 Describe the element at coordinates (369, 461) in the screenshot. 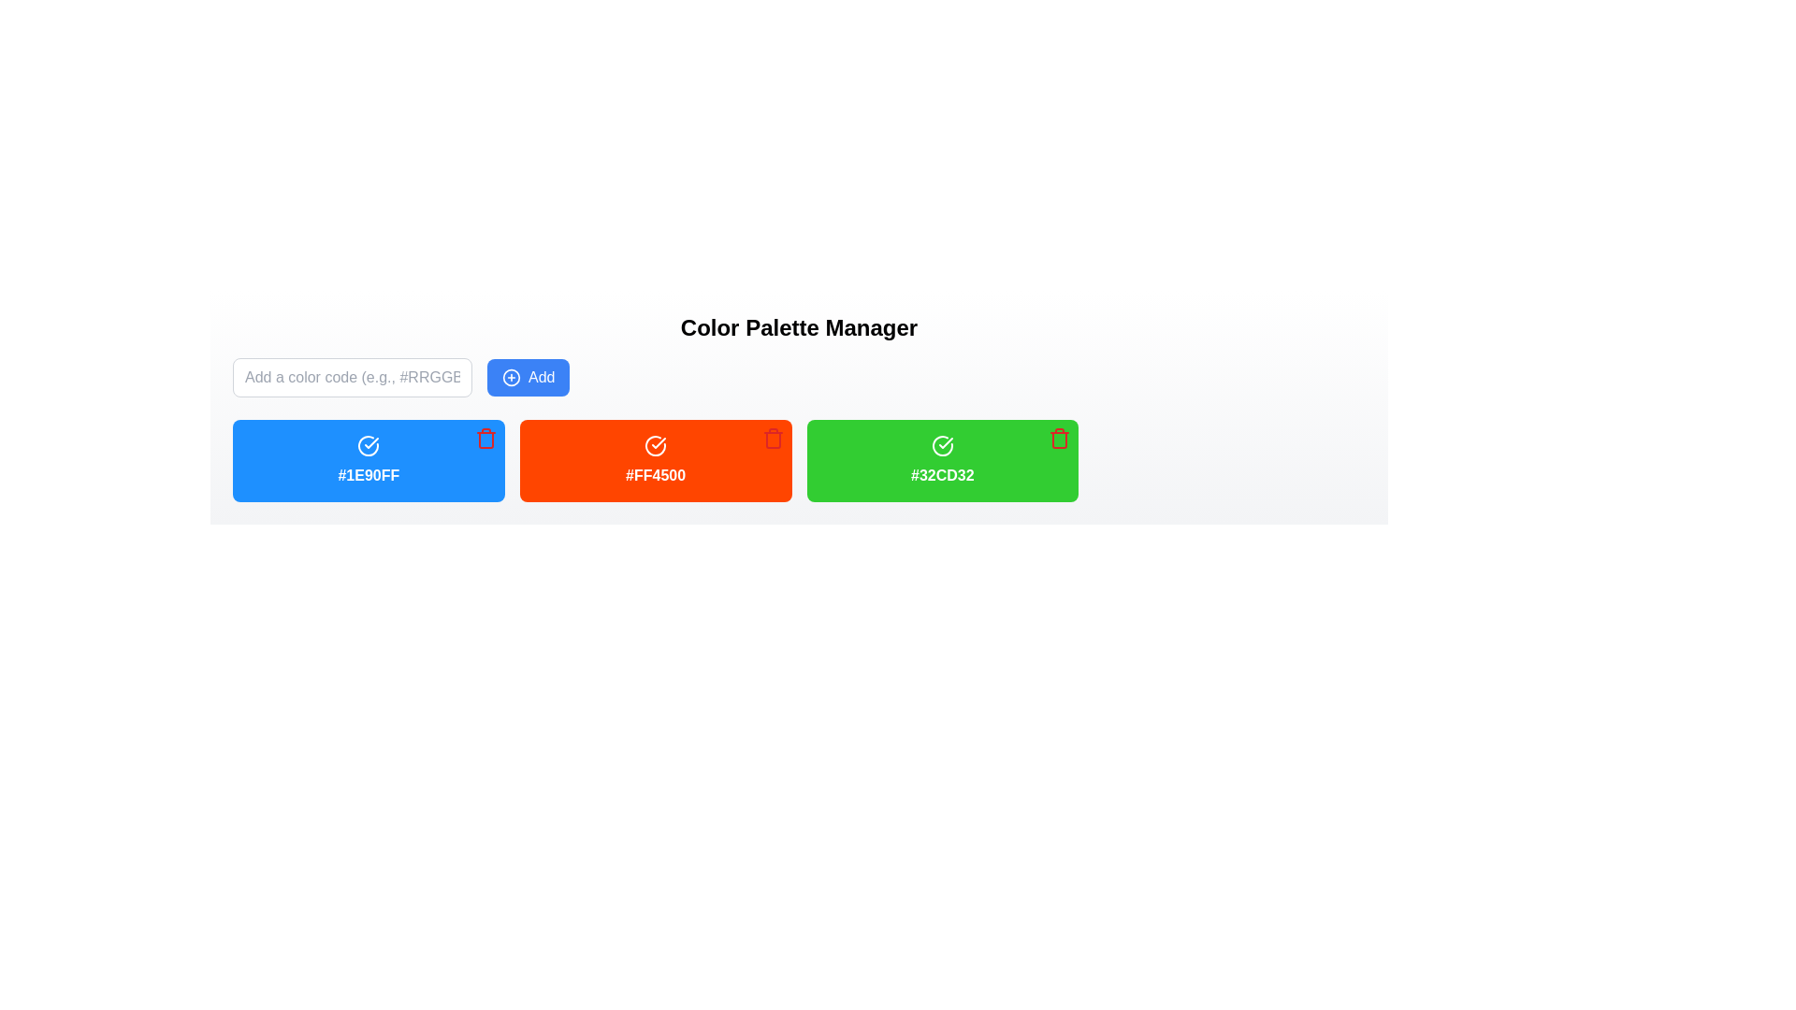

I see `the rectangular button with a vibrant blue background, white check icon, and bold white text '#1E90FF'` at that location.